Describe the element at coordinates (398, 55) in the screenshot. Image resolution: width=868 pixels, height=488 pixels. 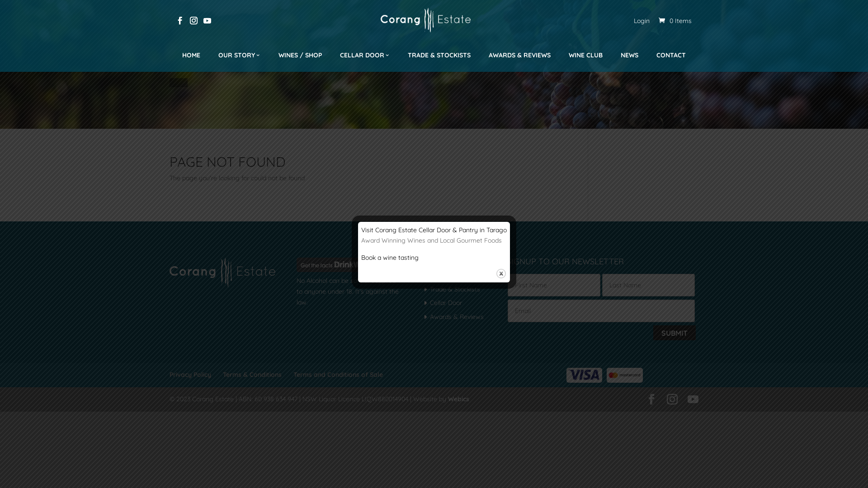
I see `'TRADE & STOCKISTS'` at that location.